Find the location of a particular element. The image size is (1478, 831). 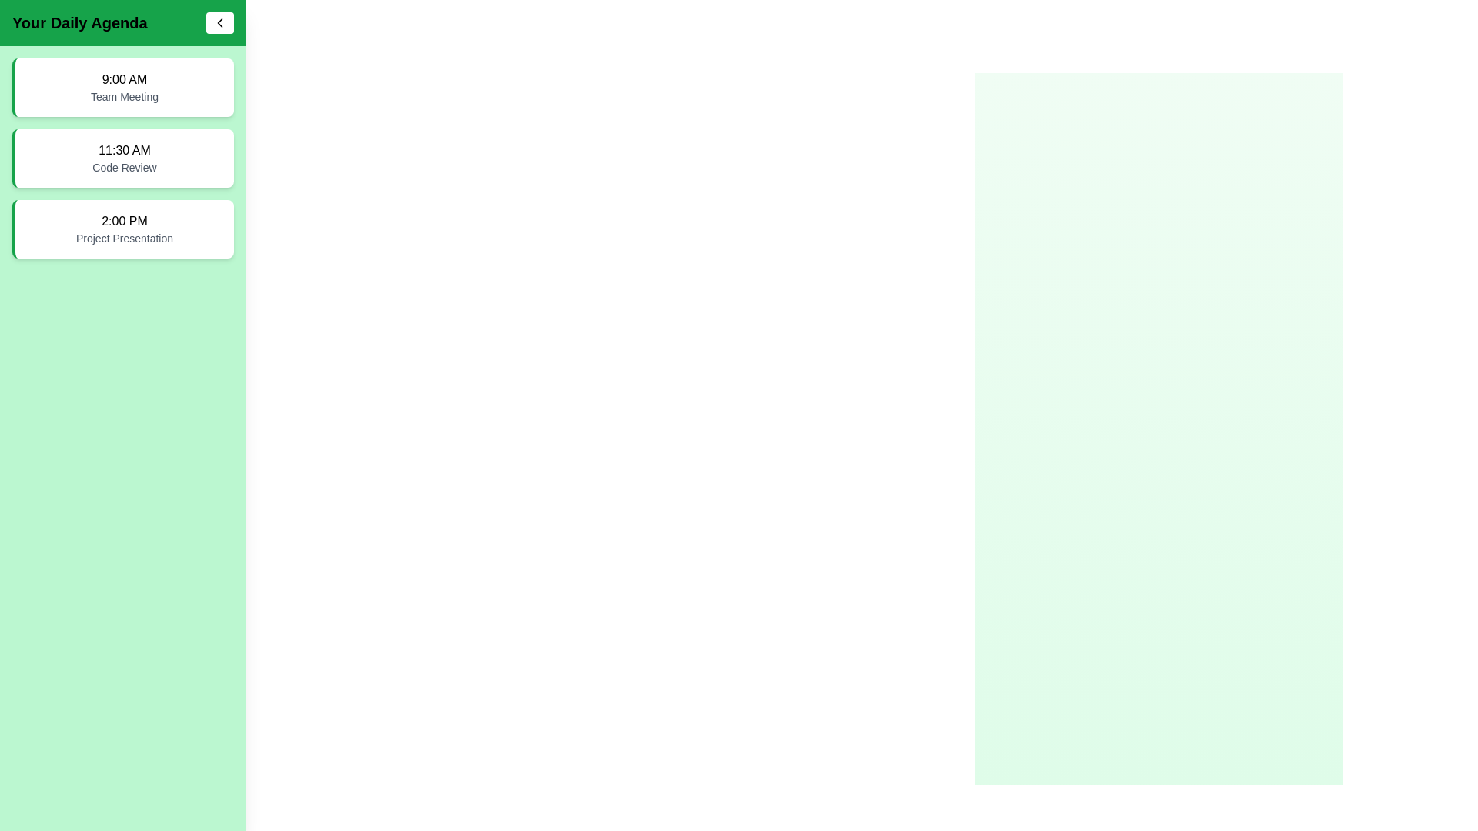

the static text label displaying '9:00 AM' located in the top section of the 'Team Meeting' card, which is above the 'Team Meeting' text is located at coordinates (125, 80).